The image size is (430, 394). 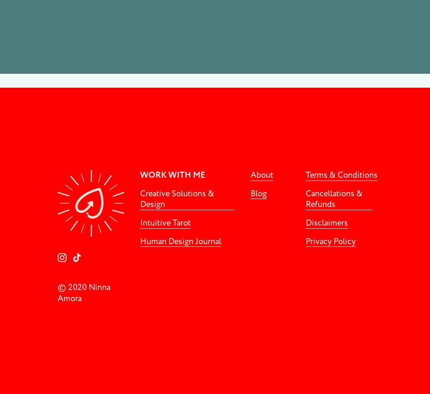 I want to click on 'WORK WITH ME', so click(x=172, y=175).